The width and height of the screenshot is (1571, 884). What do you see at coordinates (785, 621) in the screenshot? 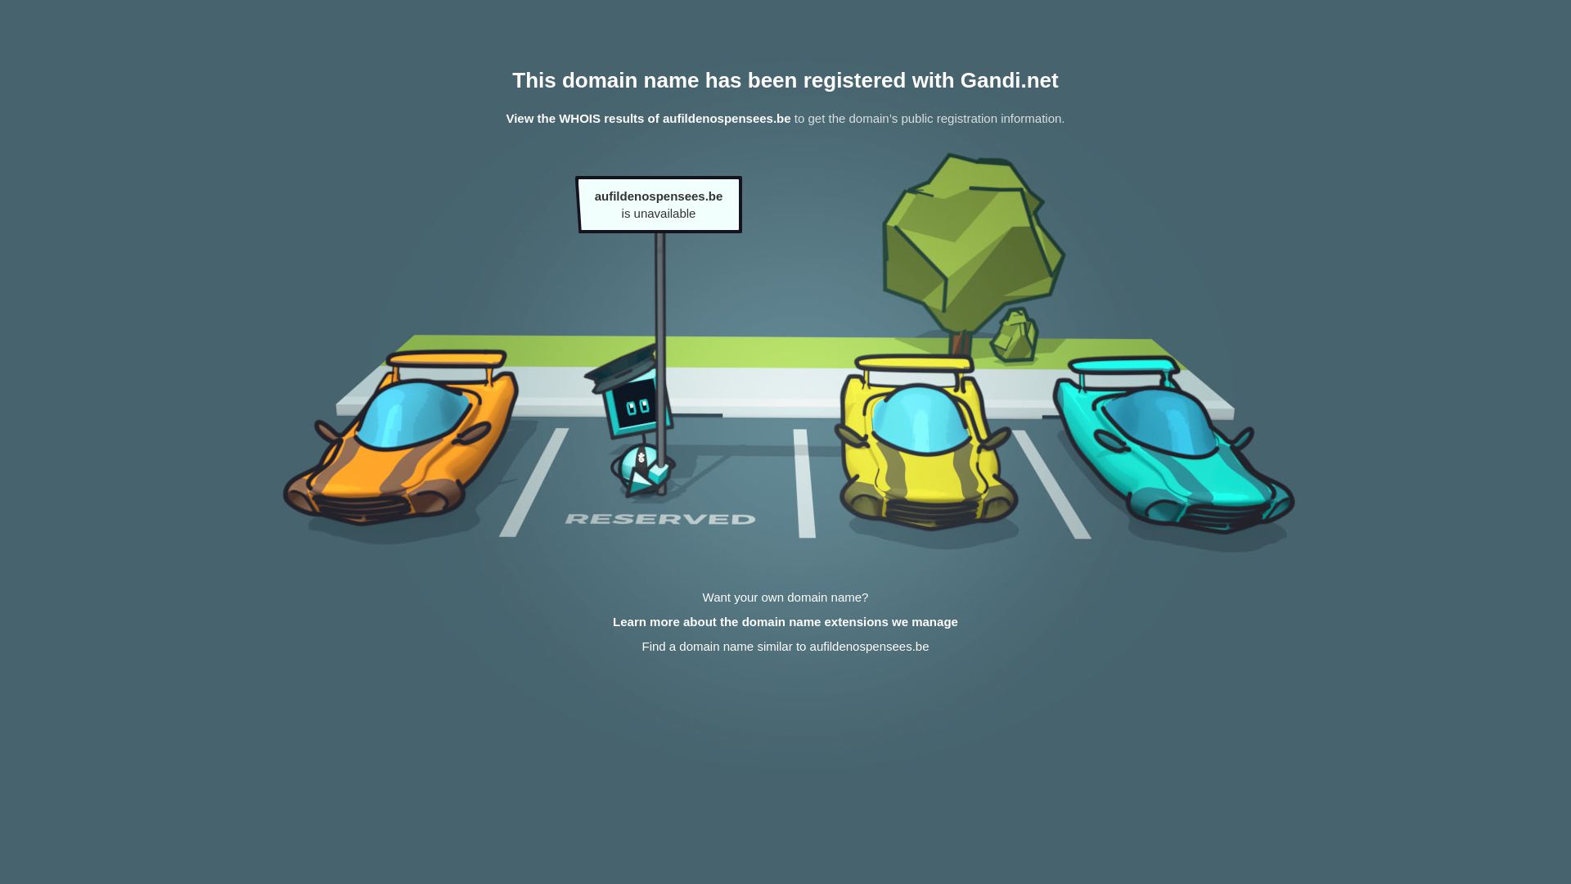
I see `'Learn more about the domain name extensions we manage'` at bounding box center [785, 621].